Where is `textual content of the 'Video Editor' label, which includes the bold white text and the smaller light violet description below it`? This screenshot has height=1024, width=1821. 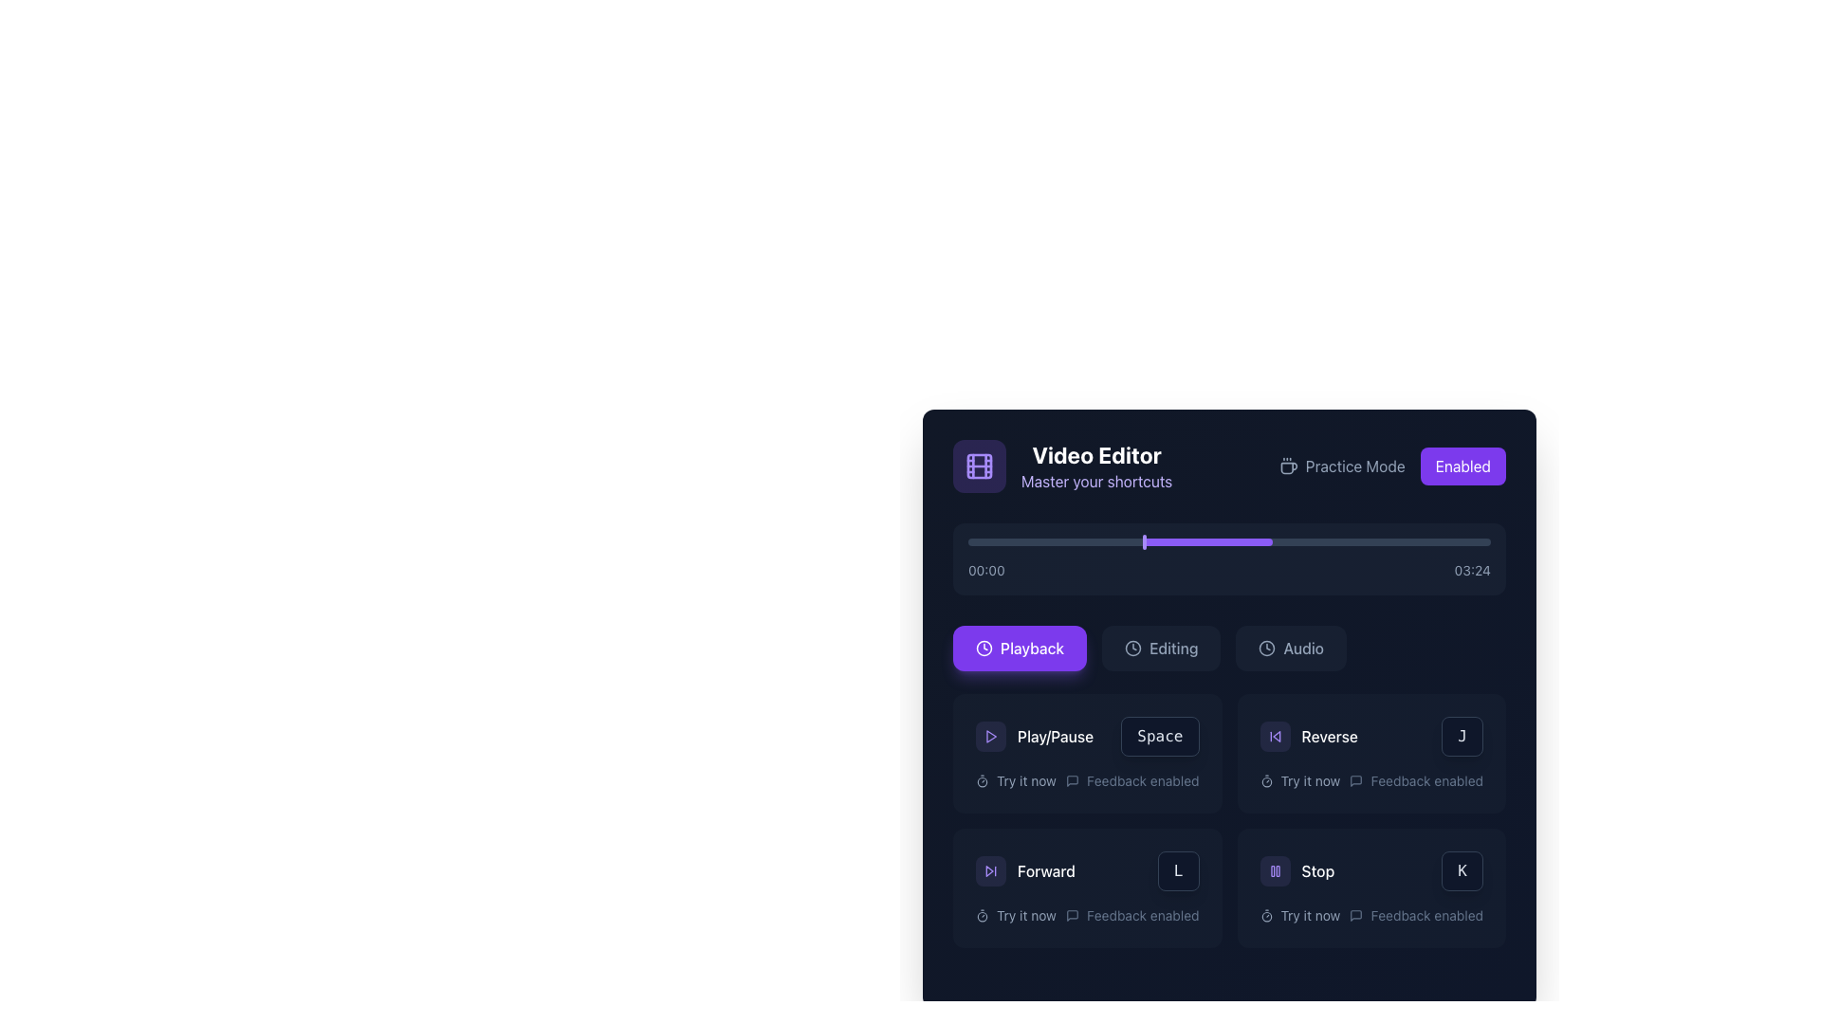 textual content of the 'Video Editor' label, which includes the bold white text and the smaller light violet description below it is located at coordinates (1062, 466).